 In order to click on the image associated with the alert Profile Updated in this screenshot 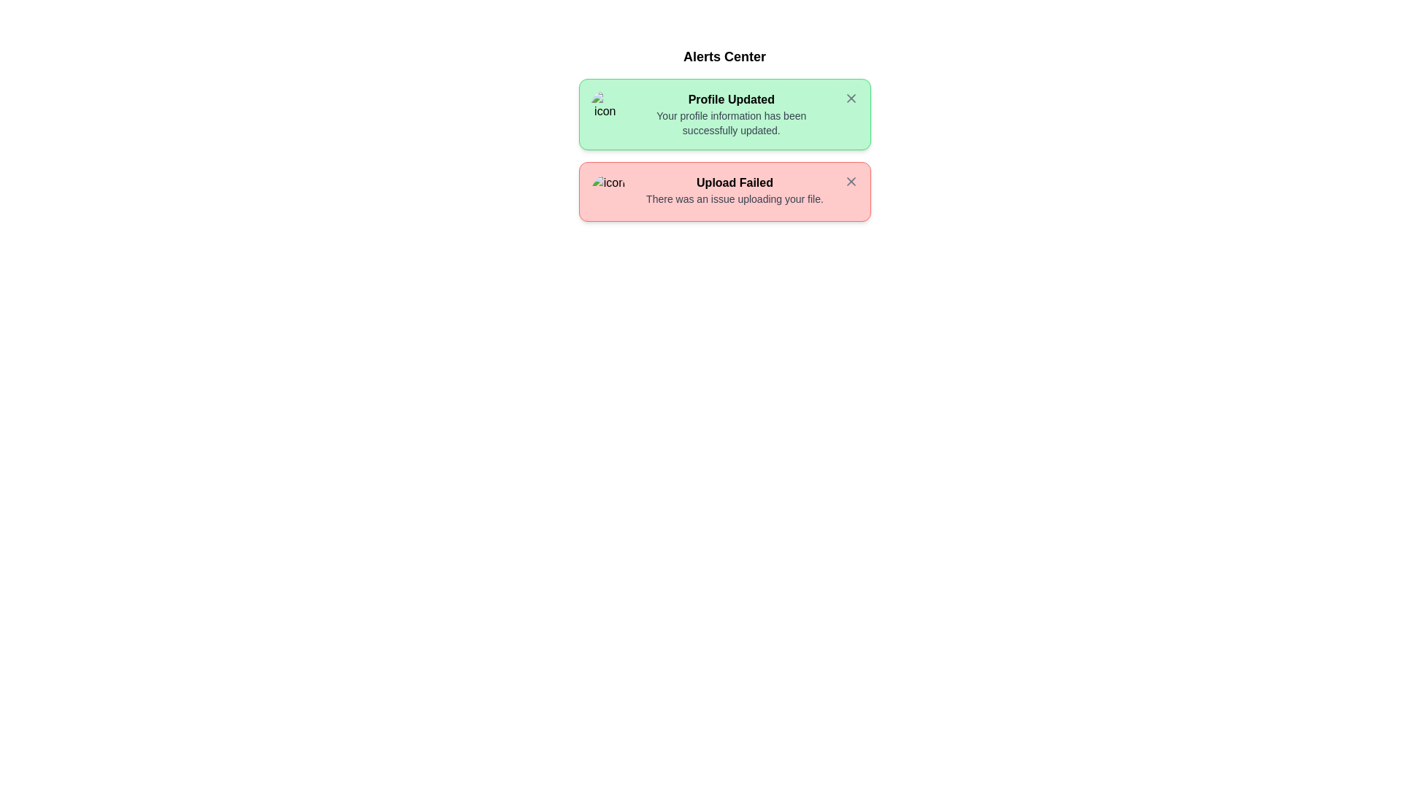, I will do `click(605, 108)`.